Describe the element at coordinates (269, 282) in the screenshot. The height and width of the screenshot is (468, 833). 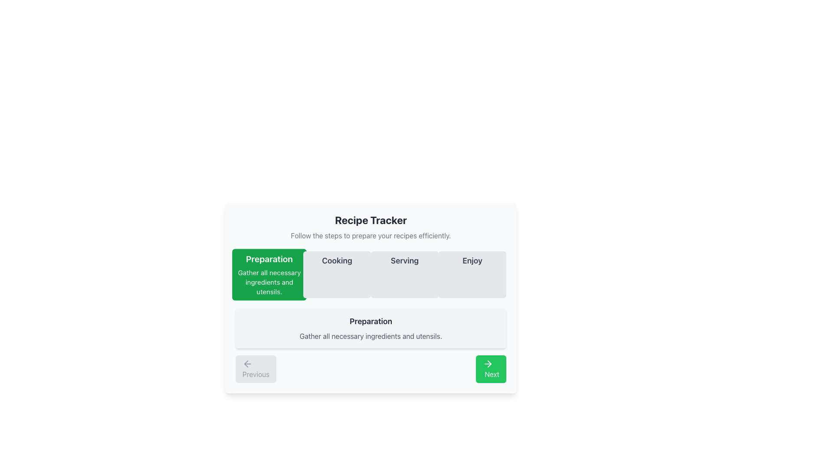
I see `displayed information from the text label located inside the green square button with rounded corners, positioned below the 'Preparation' text in the Recipe Tracker interface` at that location.